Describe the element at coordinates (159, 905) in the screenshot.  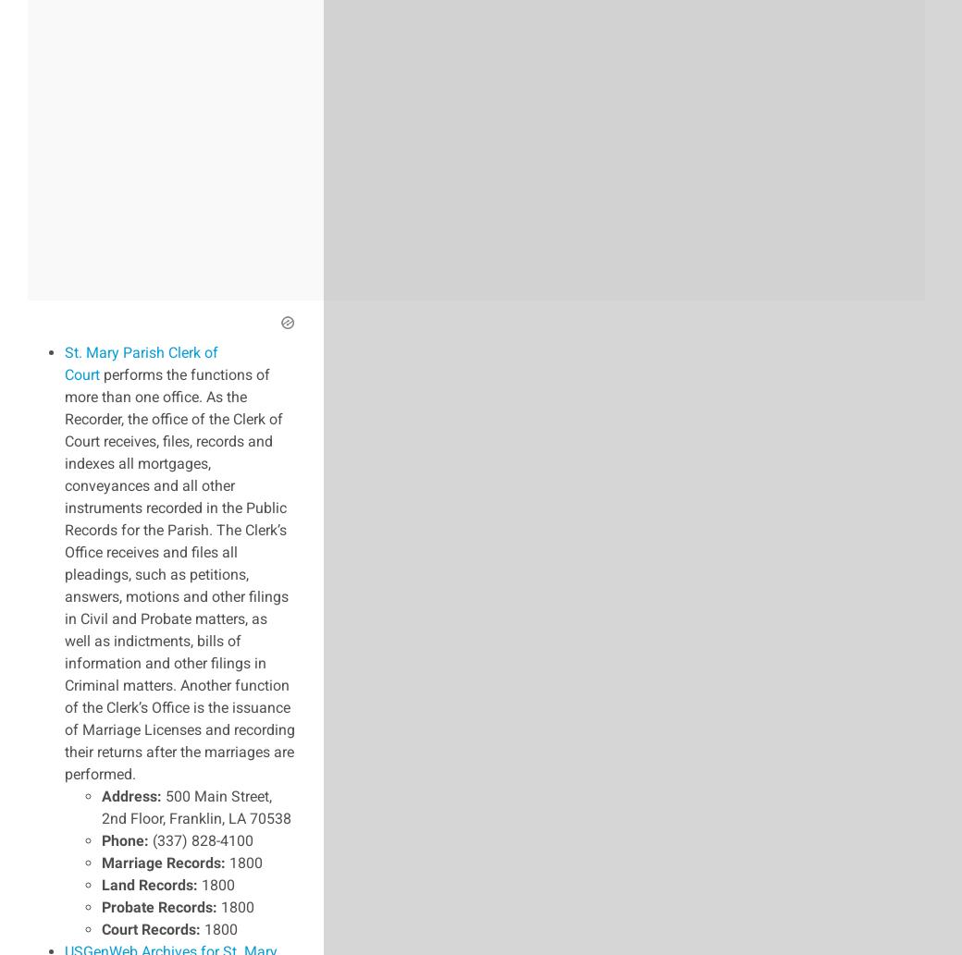
I see `'Probate Records:'` at that location.